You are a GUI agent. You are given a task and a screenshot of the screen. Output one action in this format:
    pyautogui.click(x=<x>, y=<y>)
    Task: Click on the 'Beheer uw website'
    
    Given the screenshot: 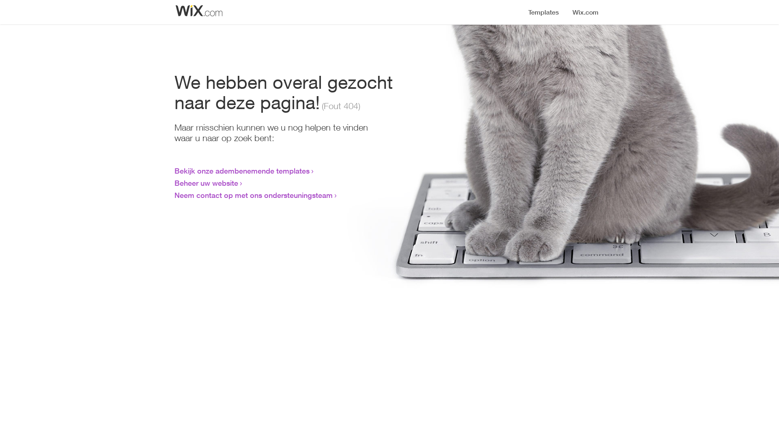 What is the action you would take?
    pyautogui.click(x=206, y=183)
    